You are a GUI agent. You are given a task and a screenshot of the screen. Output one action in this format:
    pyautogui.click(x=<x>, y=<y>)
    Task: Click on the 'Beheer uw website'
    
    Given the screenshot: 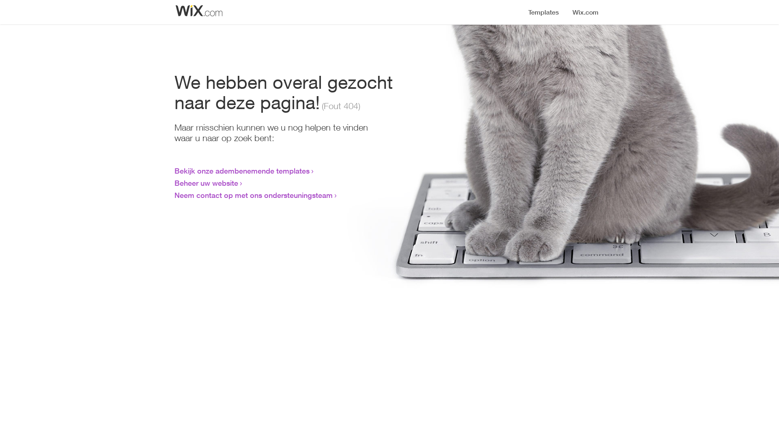 What is the action you would take?
    pyautogui.click(x=206, y=183)
    